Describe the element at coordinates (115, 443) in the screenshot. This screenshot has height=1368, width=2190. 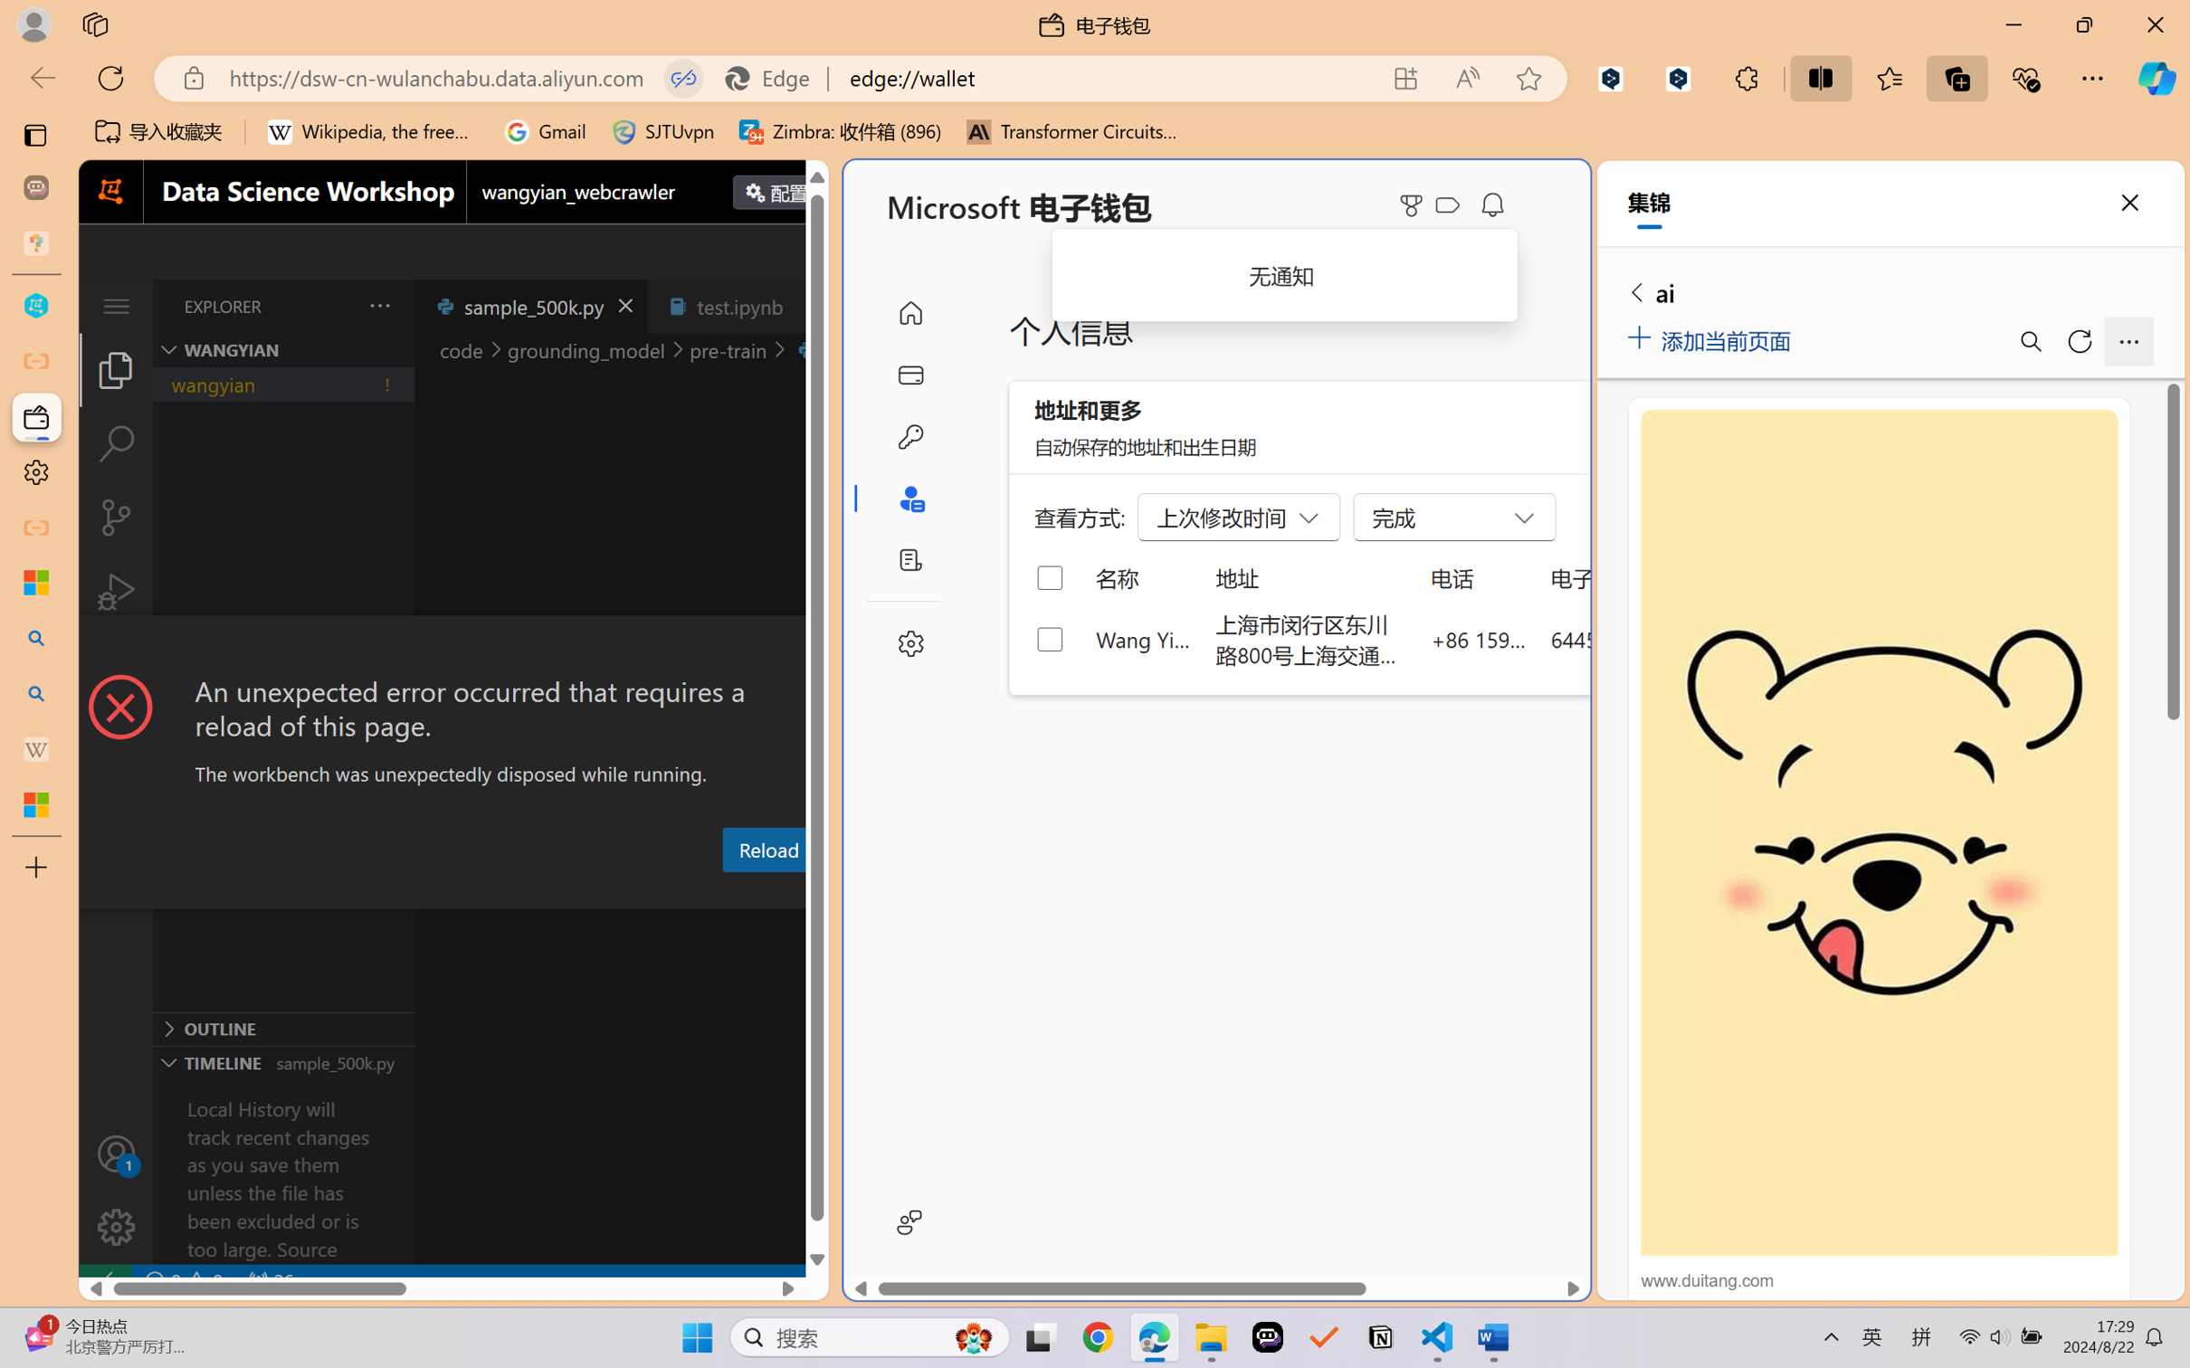
I see `'Search (Ctrl+Shift+F)'` at that location.